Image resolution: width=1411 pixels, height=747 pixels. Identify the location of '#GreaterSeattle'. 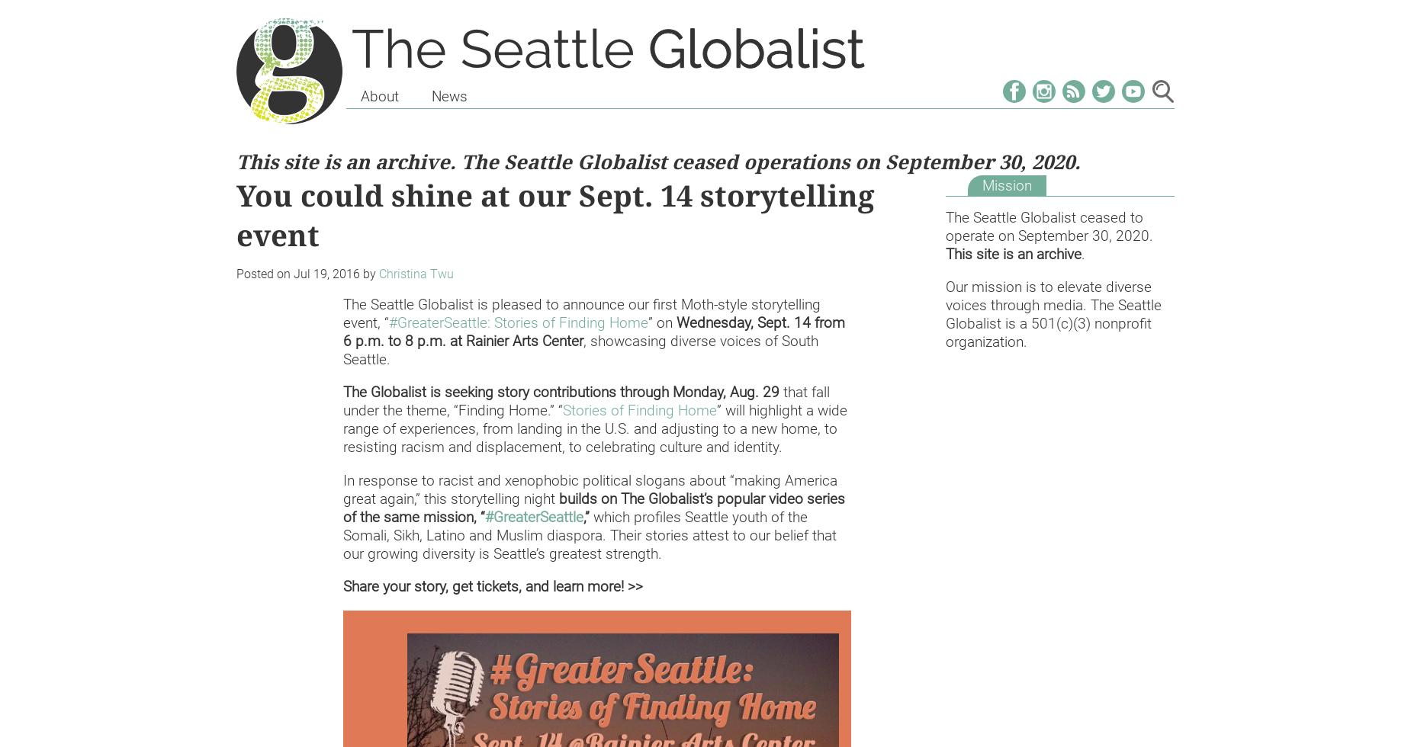
(534, 516).